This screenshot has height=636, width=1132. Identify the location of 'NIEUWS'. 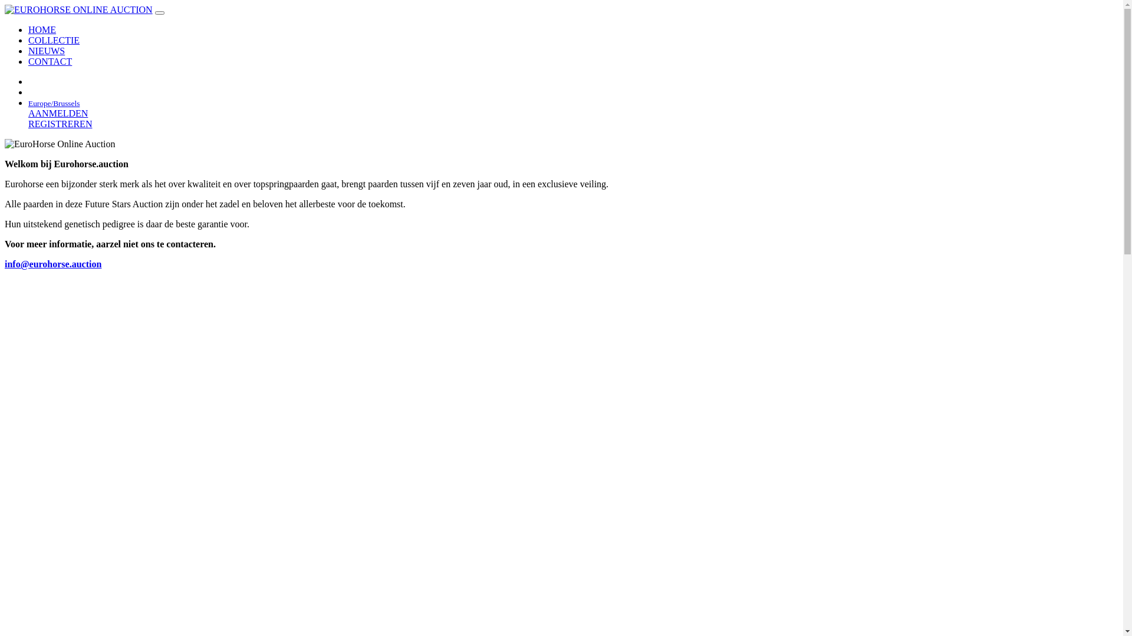
(46, 50).